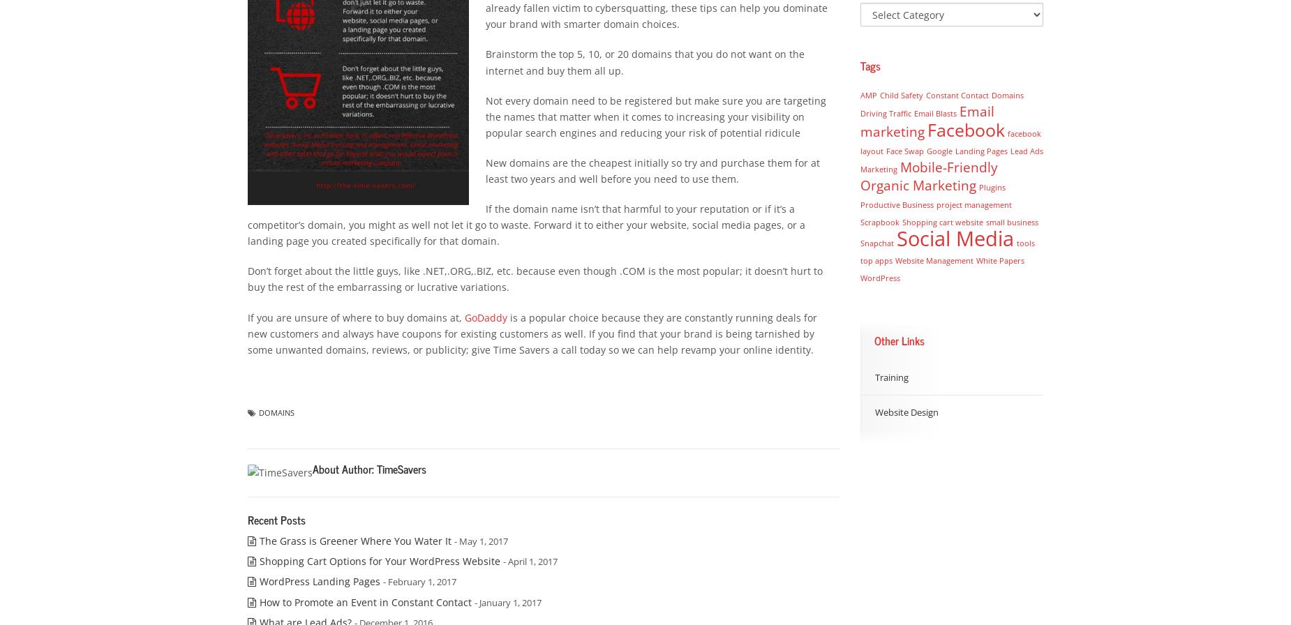 The width and height of the screenshot is (1291, 625). Describe the element at coordinates (875, 243) in the screenshot. I see `'Snapchat'` at that location.